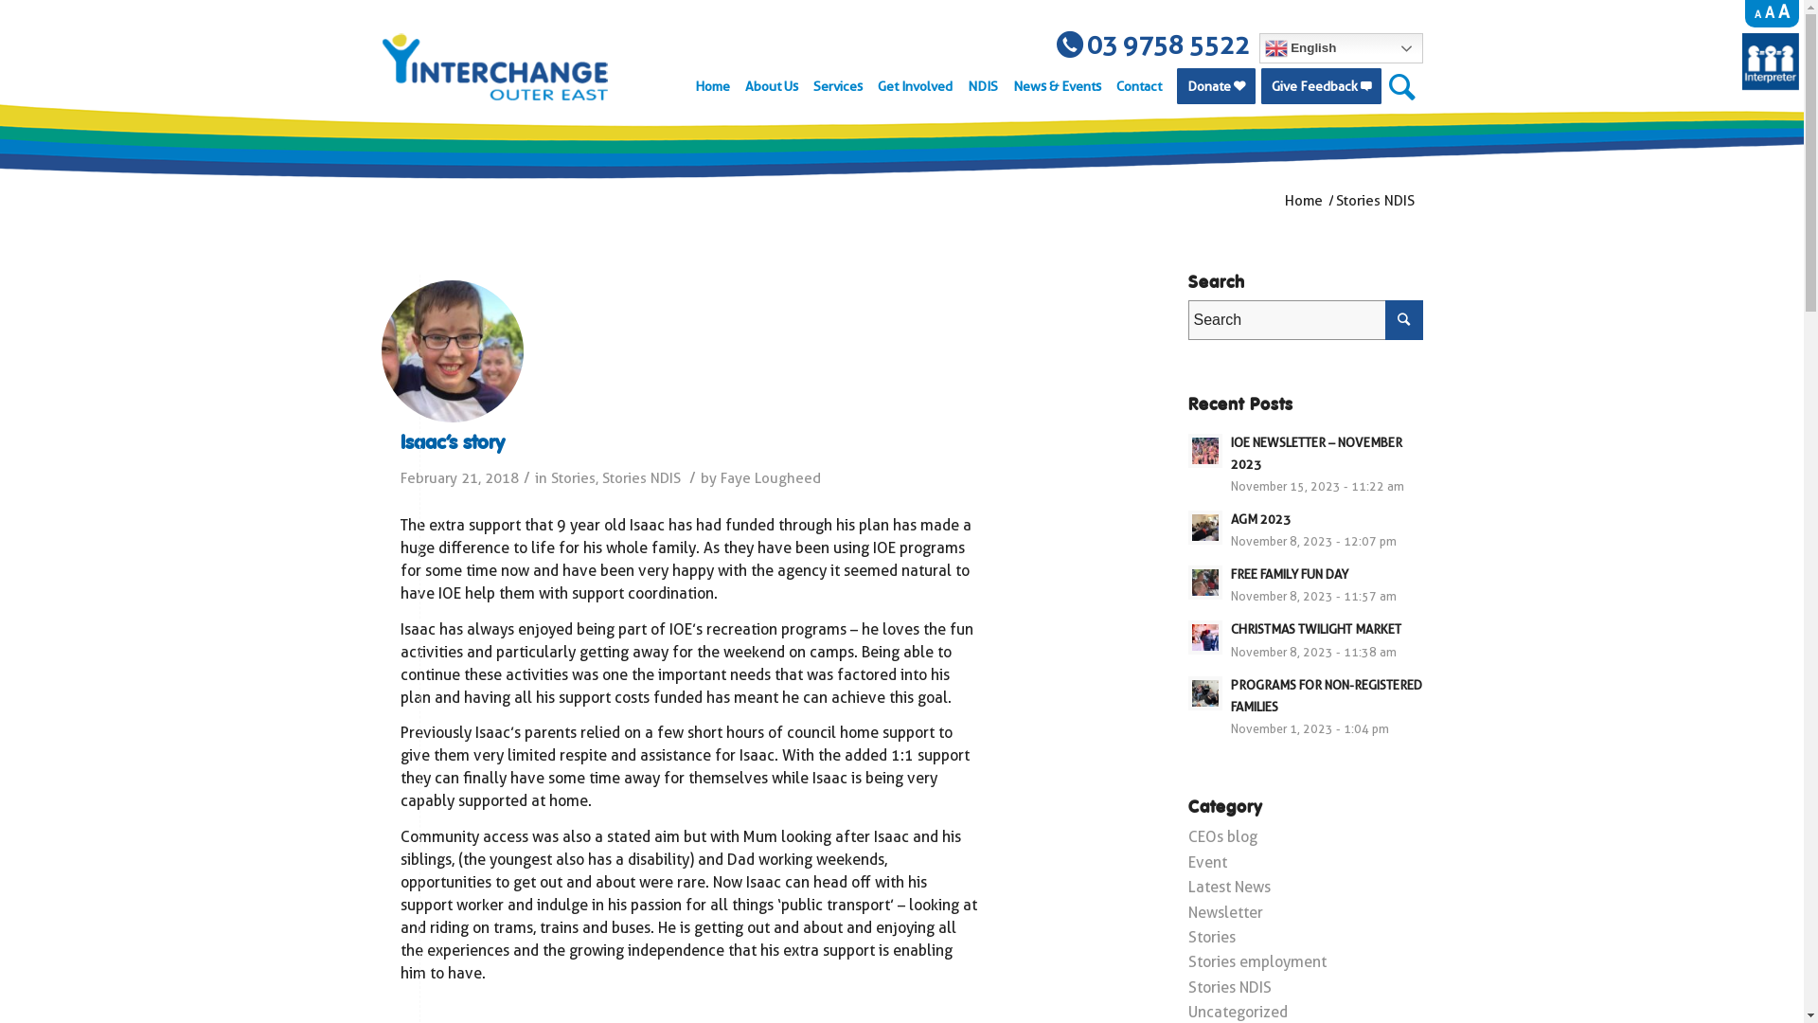 The height and width of the screenshot is (1023, 1818). What do you see at coordinates (1185, 583) in the screenshot?
I see `'FREE FAMILY FUN DAY` at bounding box center [1185, 583].